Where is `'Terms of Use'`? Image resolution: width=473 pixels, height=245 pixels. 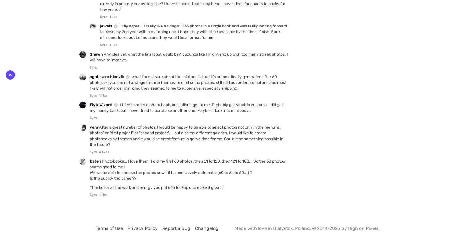 'Terms of Use' is located at coordinates (109, 228).